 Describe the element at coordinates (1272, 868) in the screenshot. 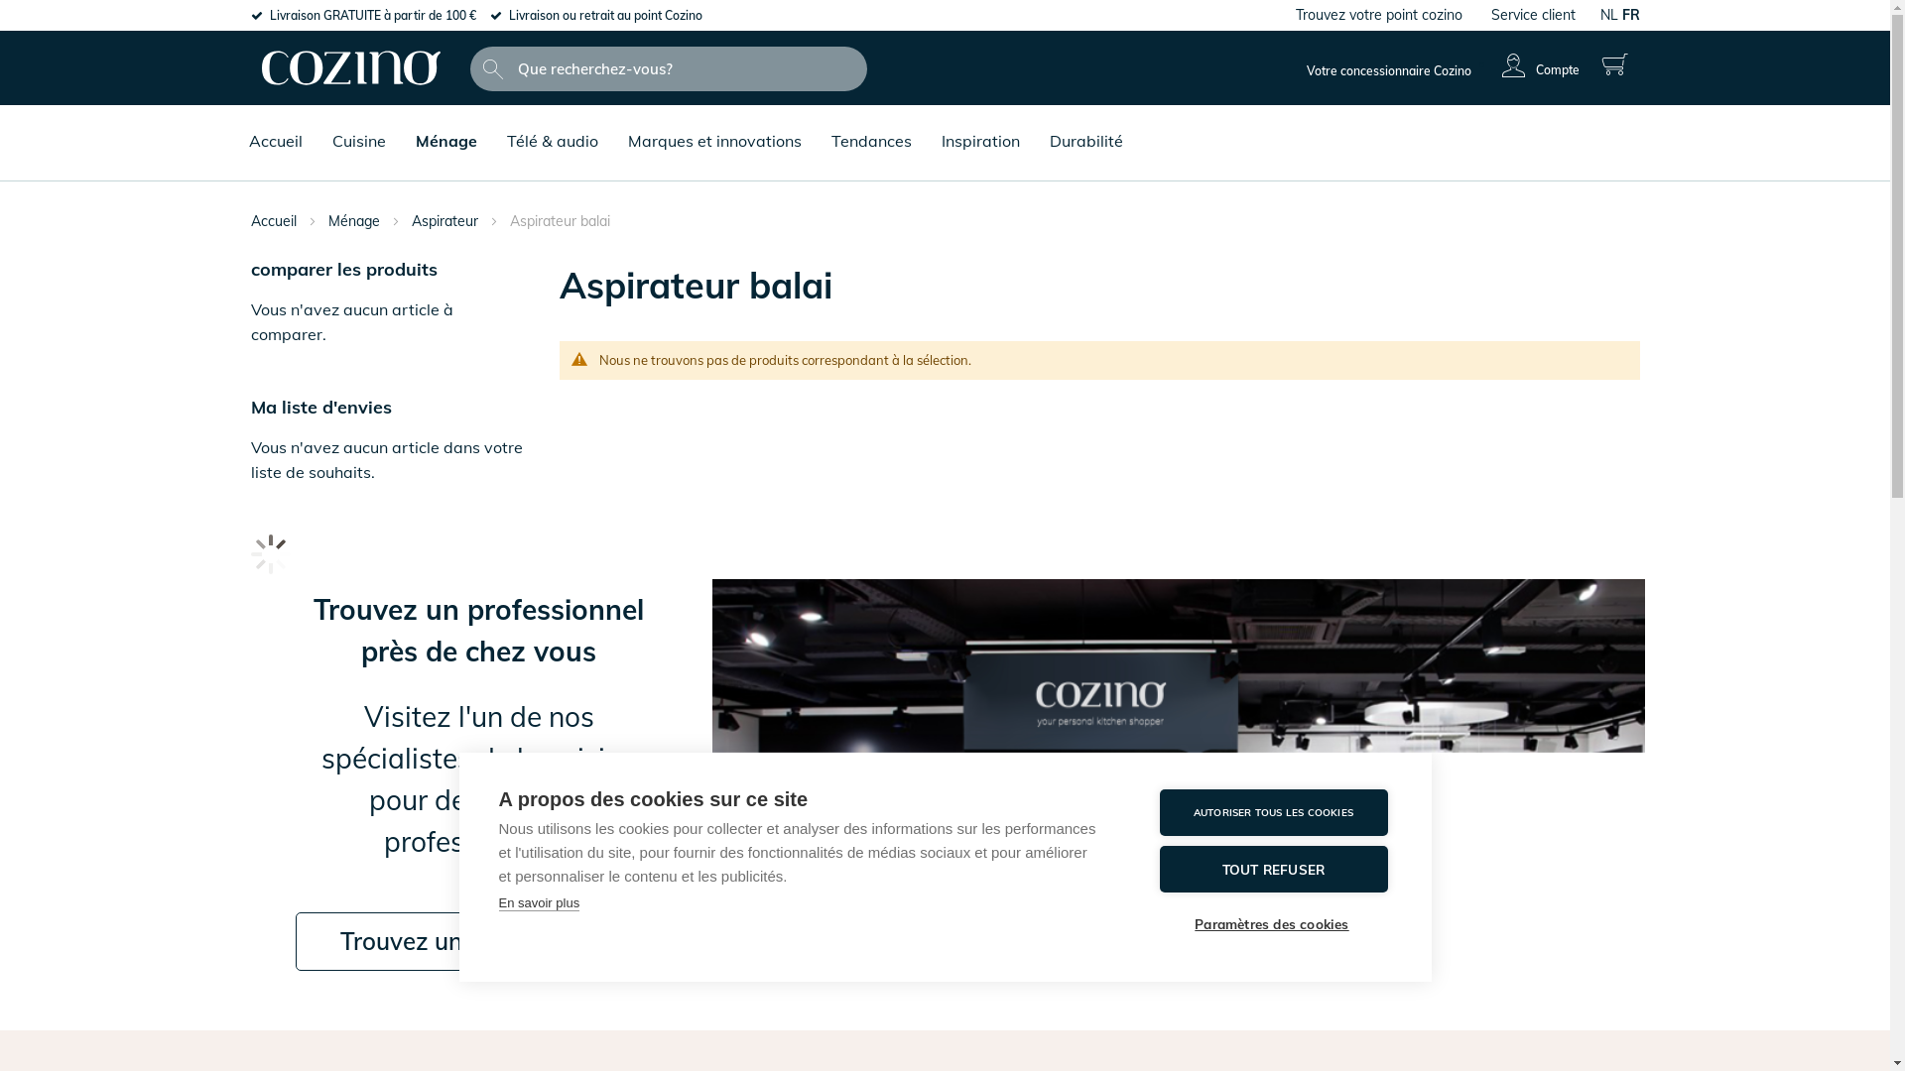

I see `'TOUT REFUSER'` at that location.